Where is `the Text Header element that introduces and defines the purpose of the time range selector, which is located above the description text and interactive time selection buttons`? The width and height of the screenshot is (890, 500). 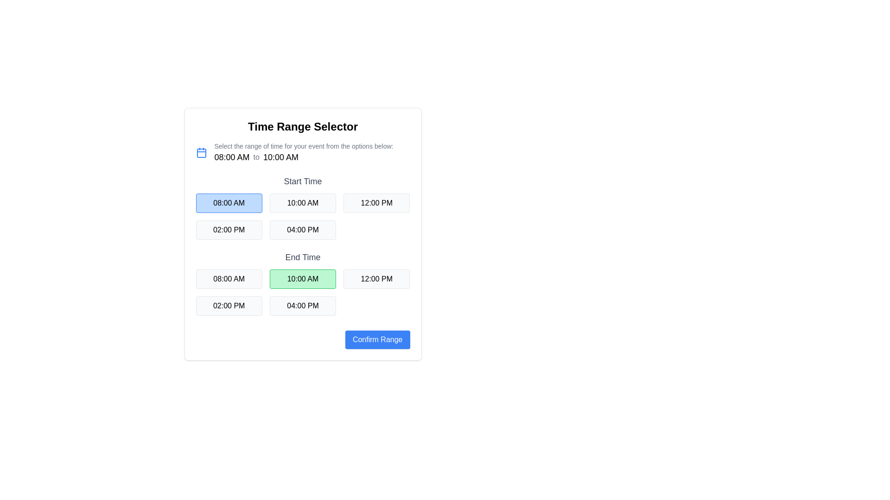
the Text Header element that introduces and defines the purpose of the time range selector, which is located above the description text and interactive time selection buttons is located at coordinates (303, 126).